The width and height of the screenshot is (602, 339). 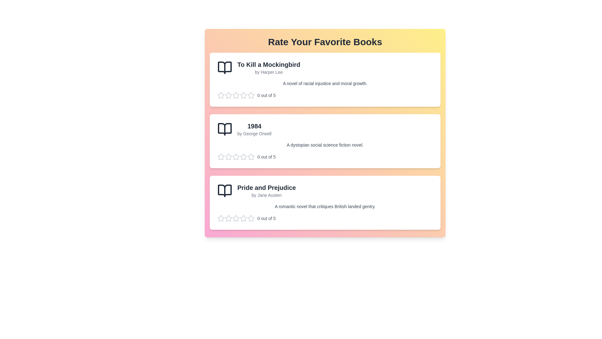 What do you see at coordinates (228, 95) in the screenshot?
I see `the second interactive rating star icon to provide a rating for 'To Kill a Mockingbird'` at bounding box center [228, 95].